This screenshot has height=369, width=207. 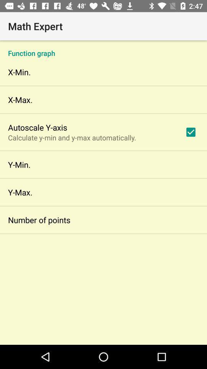 What do you see at coordinates (37, 127) in the screenshot?
I see `autoscale y-axis app` at bounding box center [37, 127].